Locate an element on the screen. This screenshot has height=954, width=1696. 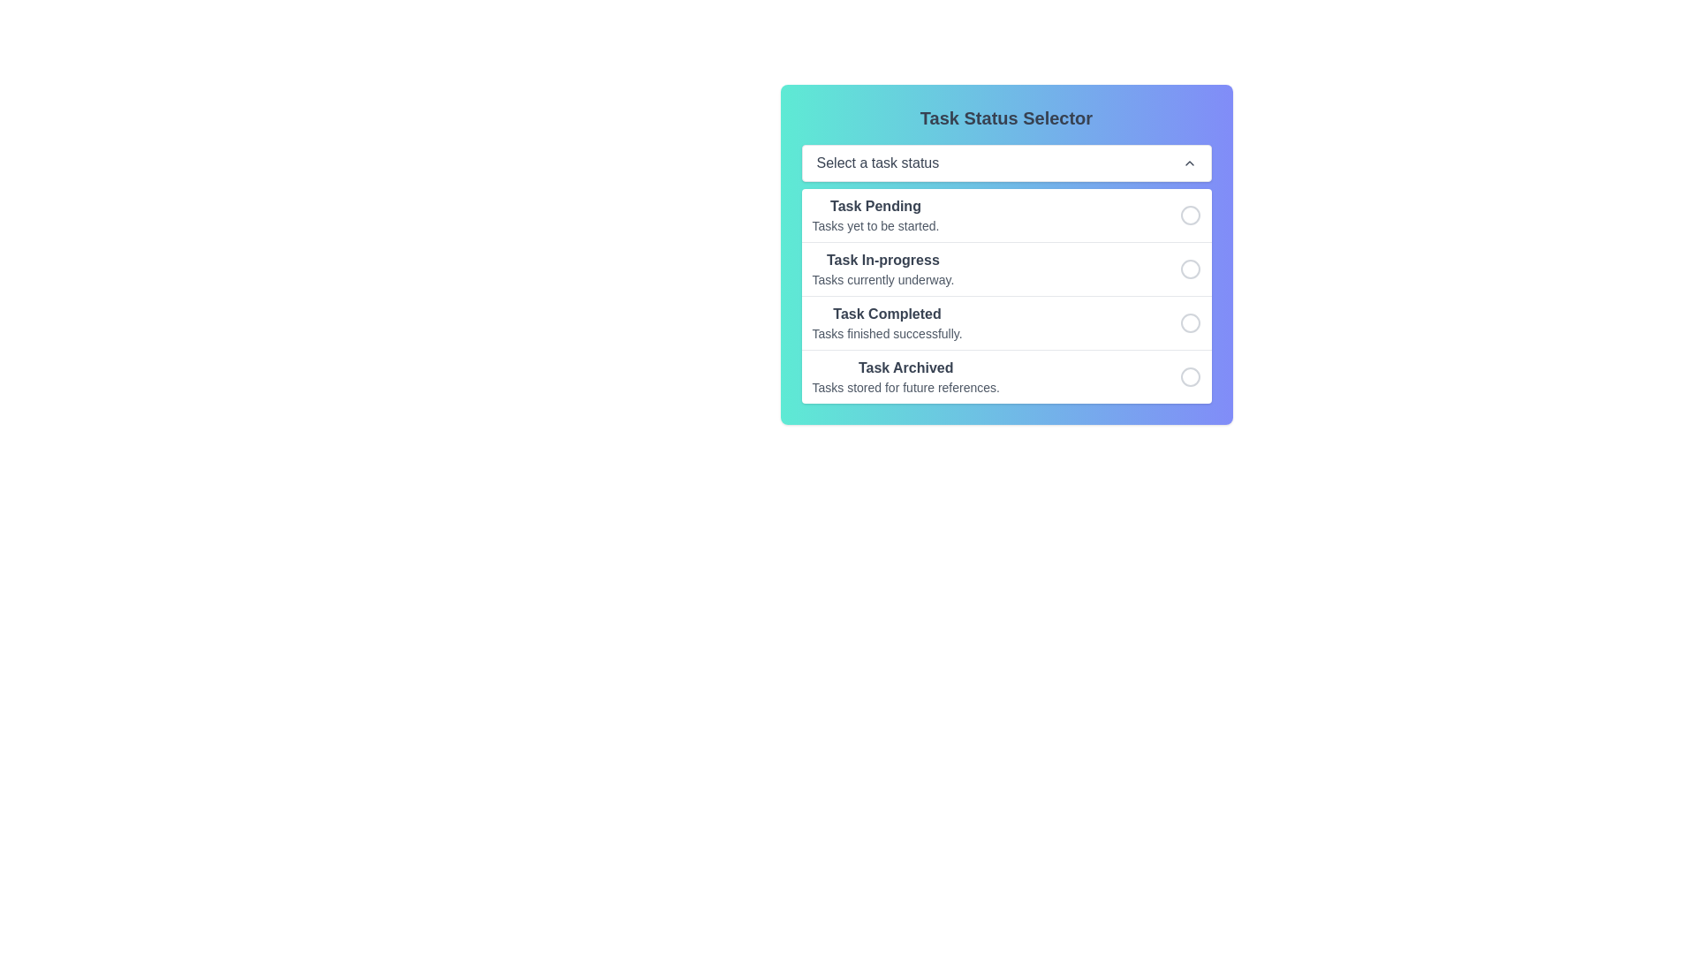
the circular gray radio button at the end of the 'Task Pending' row is located at coordinates (1190, 214).